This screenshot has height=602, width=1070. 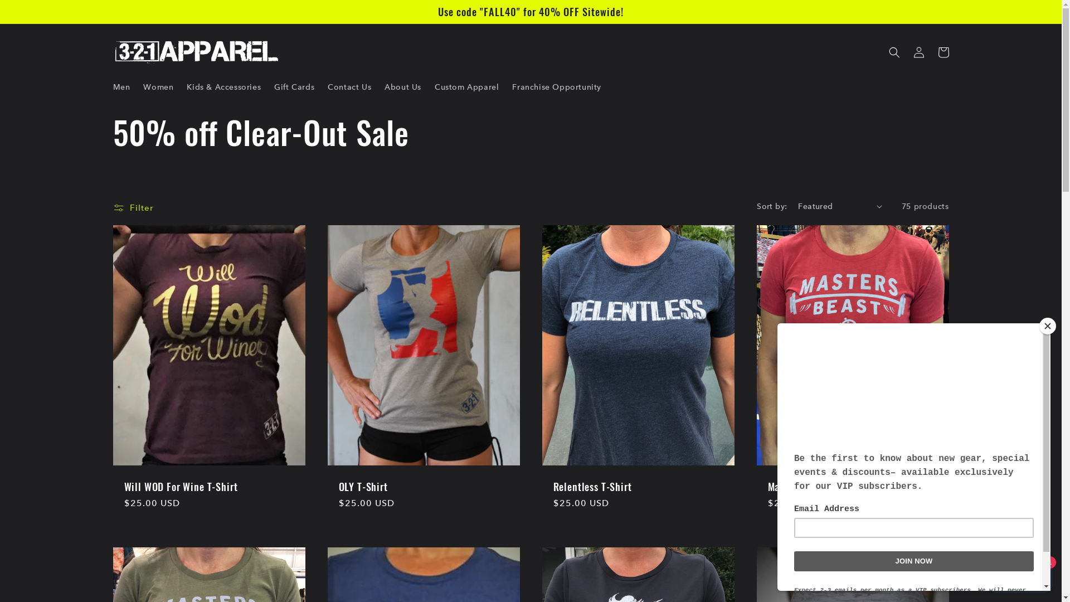 I want to click on 'Franchise Opportunity', so click(x=556, y=86).